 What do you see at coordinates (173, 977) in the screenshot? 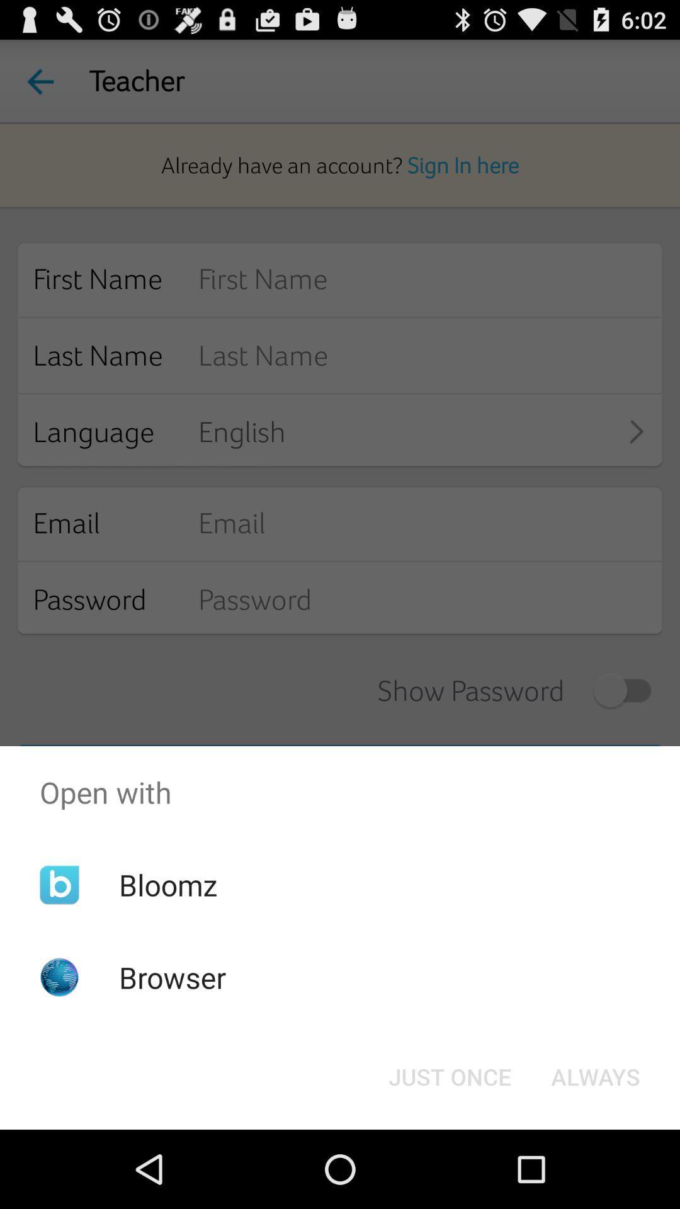
I see `item below bloomz icon` at bounding box center [173, 977].